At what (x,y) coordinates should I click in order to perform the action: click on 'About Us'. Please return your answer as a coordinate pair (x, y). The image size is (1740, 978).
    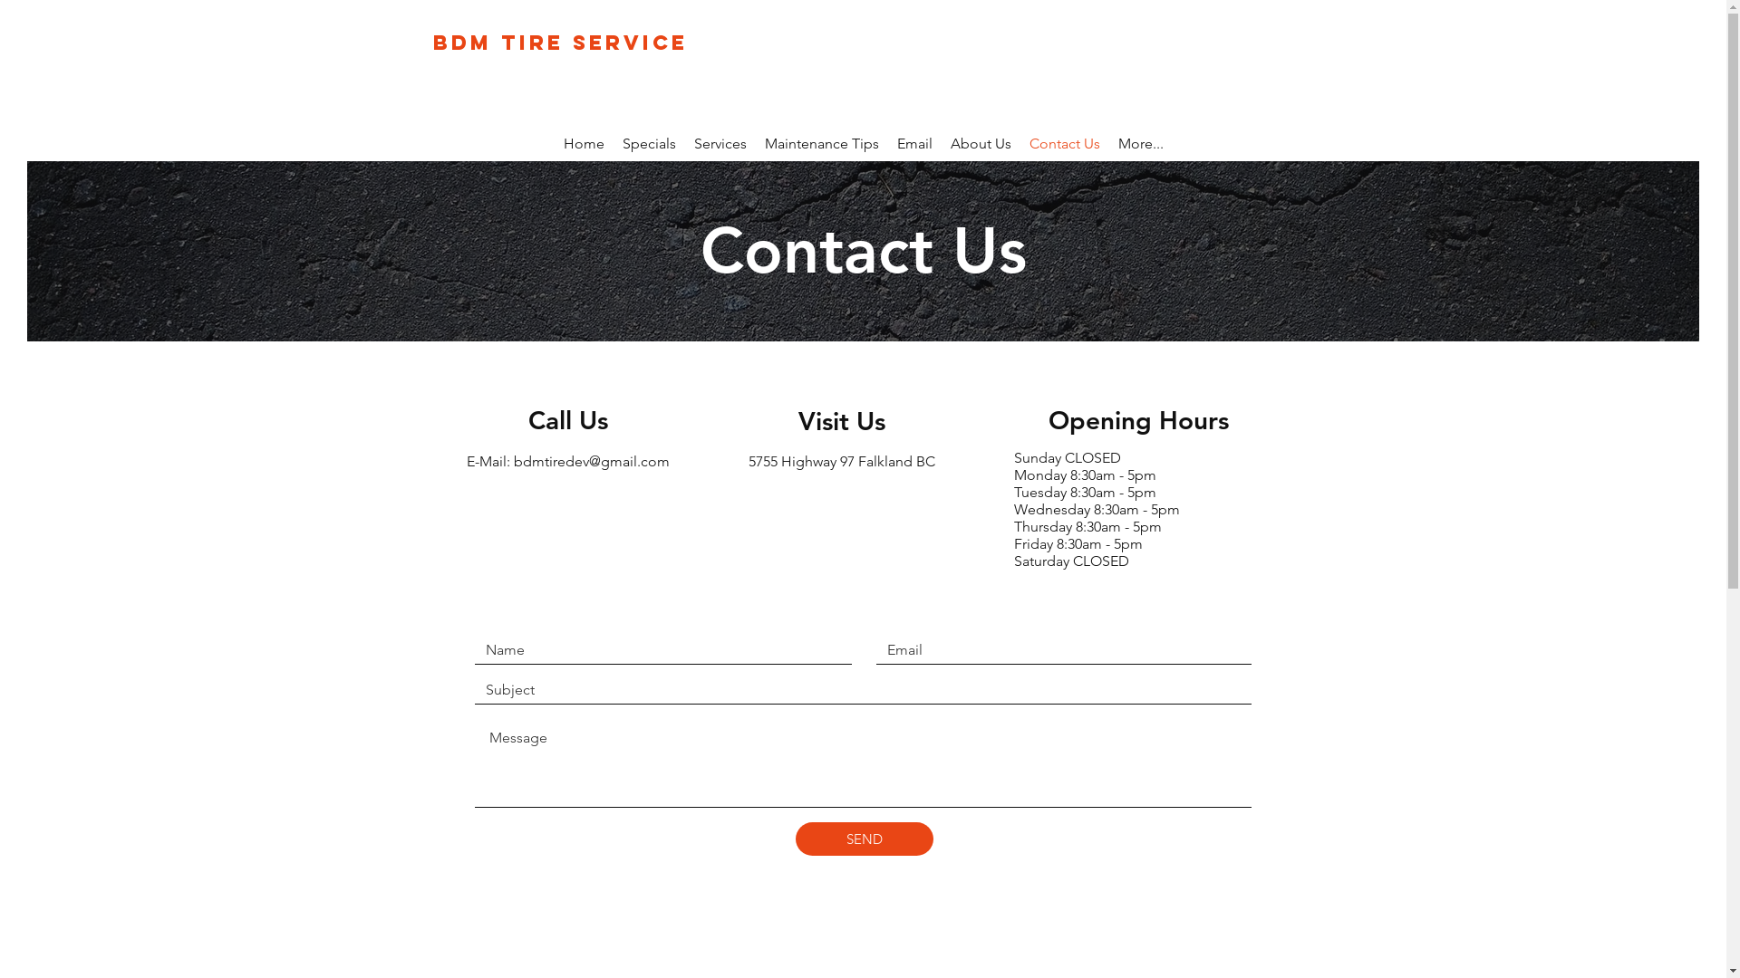
    Looking at the image, I should click on (979, 146).